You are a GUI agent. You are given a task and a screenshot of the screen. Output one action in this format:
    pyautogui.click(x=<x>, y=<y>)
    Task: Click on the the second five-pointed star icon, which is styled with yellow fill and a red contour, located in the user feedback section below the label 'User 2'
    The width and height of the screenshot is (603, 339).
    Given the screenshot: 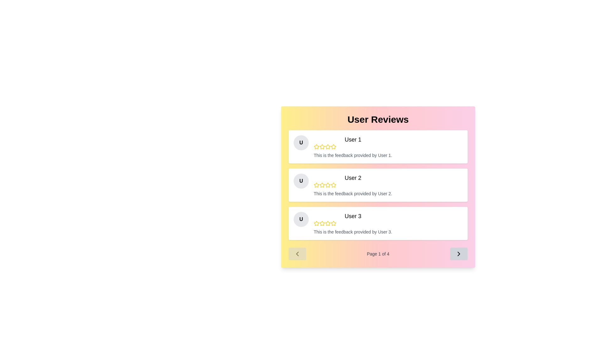 What is the action you would take?
    pyautogui.click(x=317, y=185)
    